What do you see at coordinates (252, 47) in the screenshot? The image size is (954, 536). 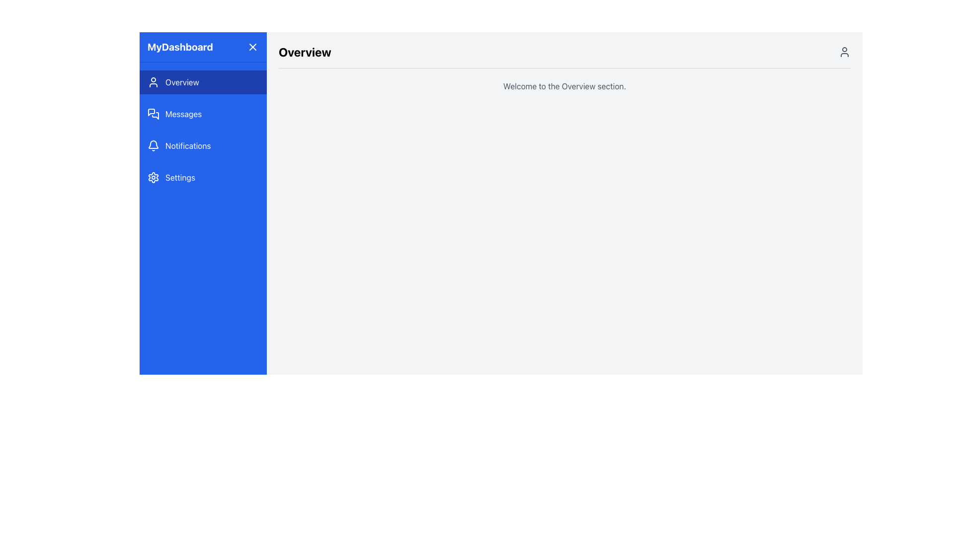 I see `the cross icon in the sidebar header section, positioned to the right of 'MyDashboard', used for dismissing the sidebar` at bounding box center [252, 47].